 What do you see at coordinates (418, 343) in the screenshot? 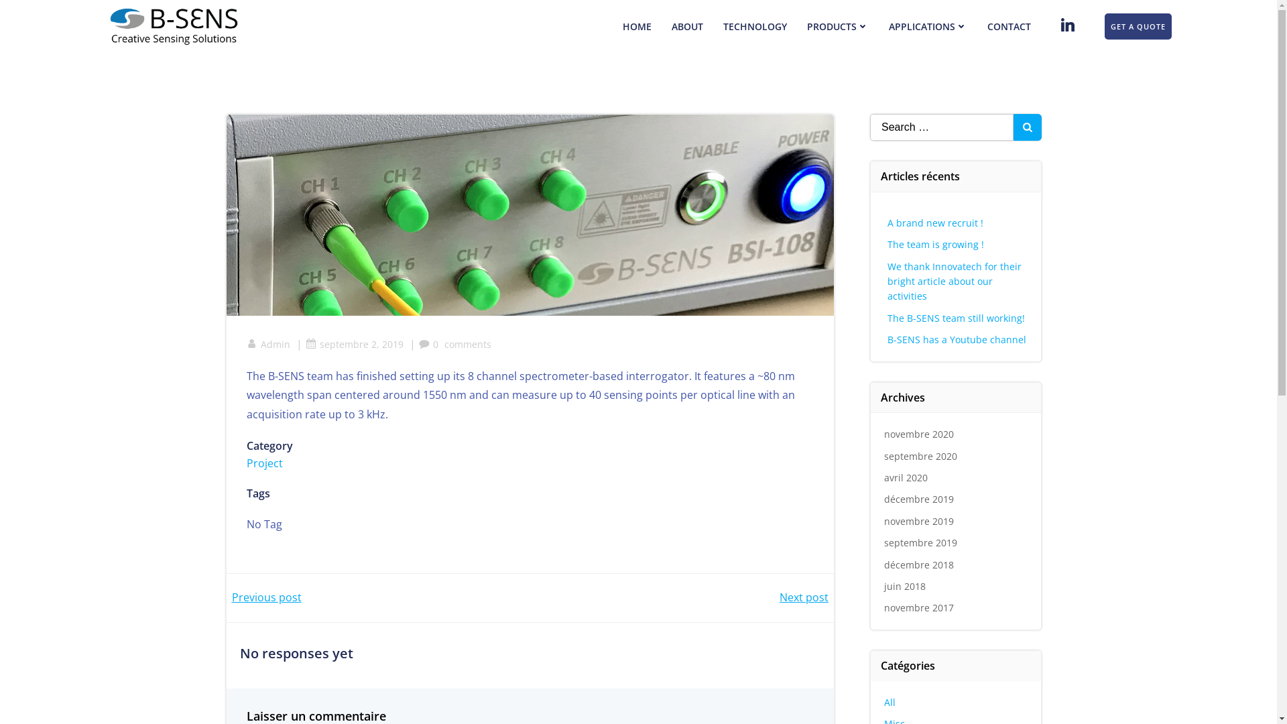
I see `'0'` at bounding box center [418, 343].